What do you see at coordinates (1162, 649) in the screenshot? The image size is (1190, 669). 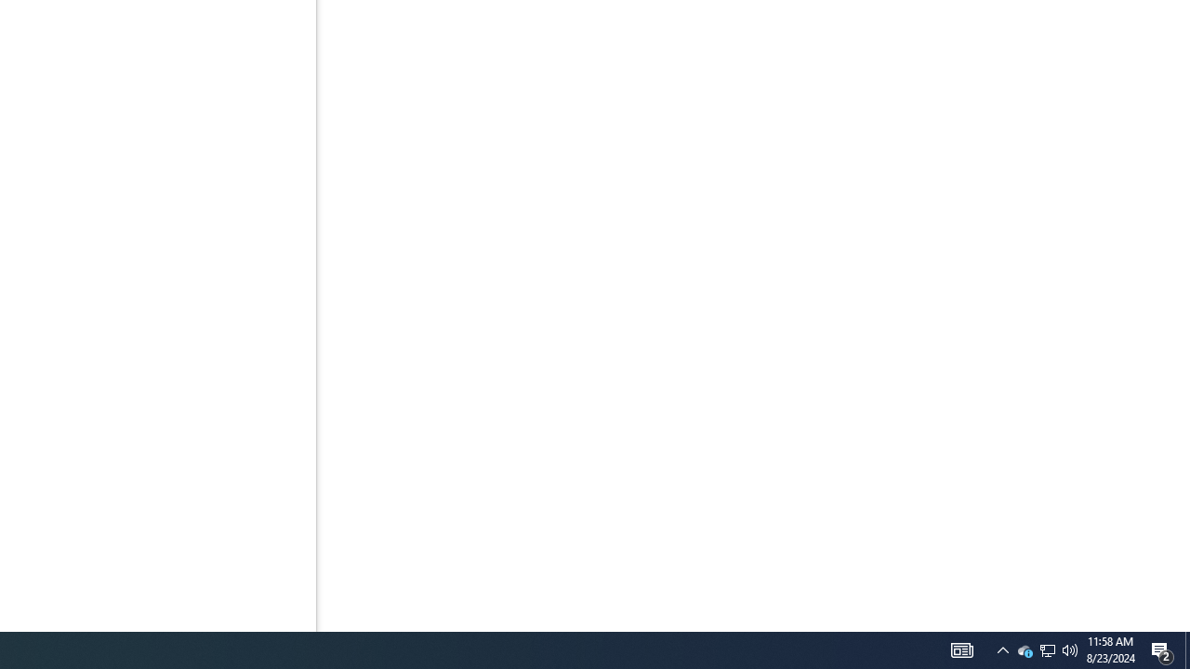 I see `'Action Center, 2 new notifications'` at bounding box center [1162, 649].